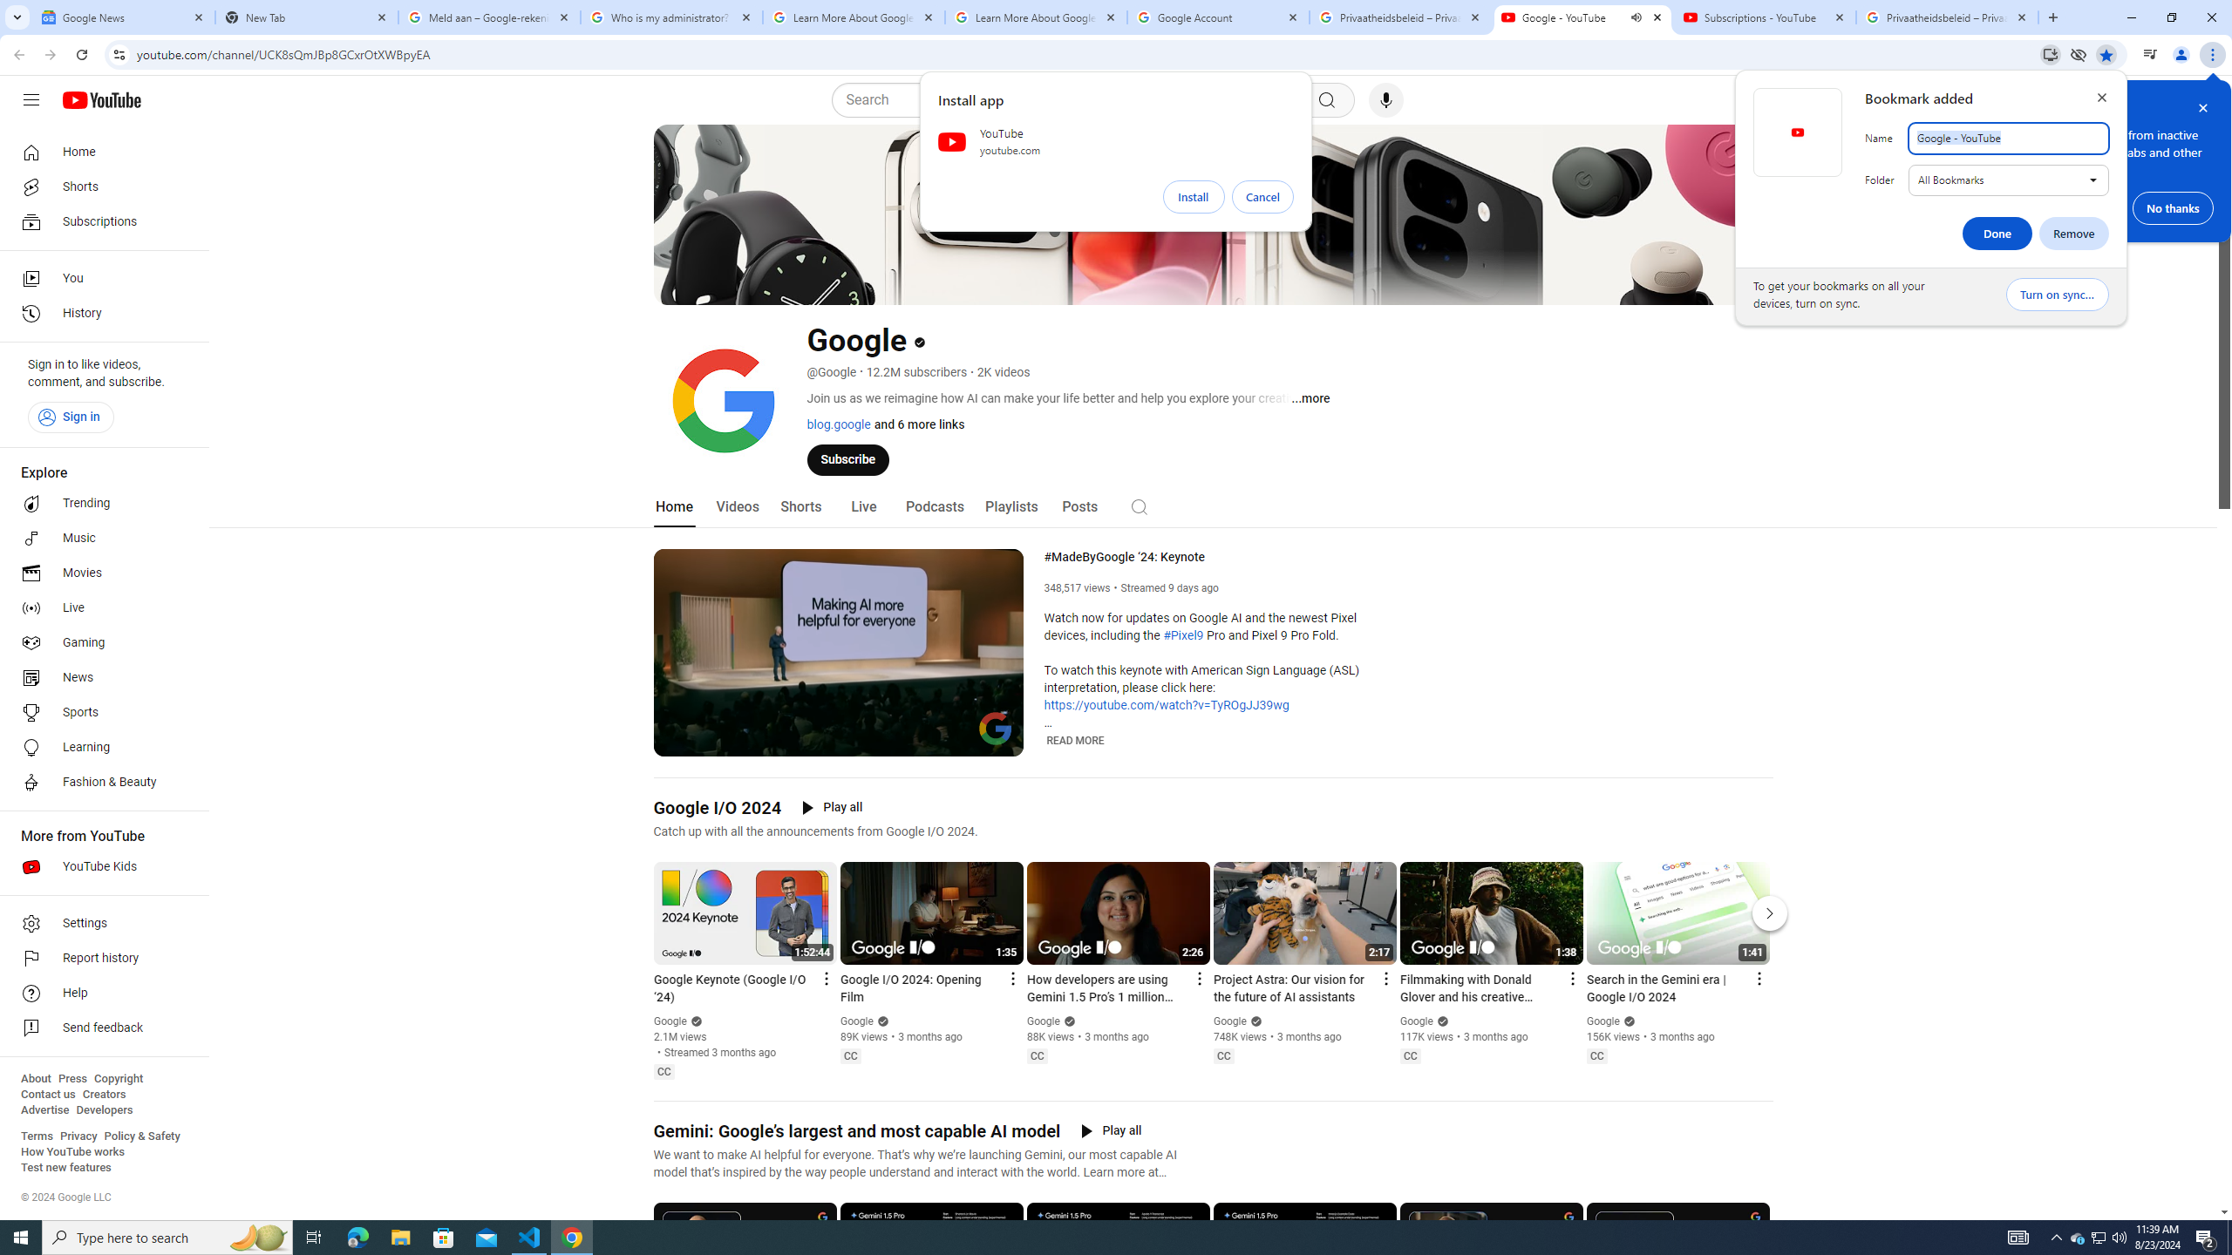  What do you see at coordinates (71, 1151) in the screenshot?
I see `'How YouTube works'` at bounding box center [71, 1151].